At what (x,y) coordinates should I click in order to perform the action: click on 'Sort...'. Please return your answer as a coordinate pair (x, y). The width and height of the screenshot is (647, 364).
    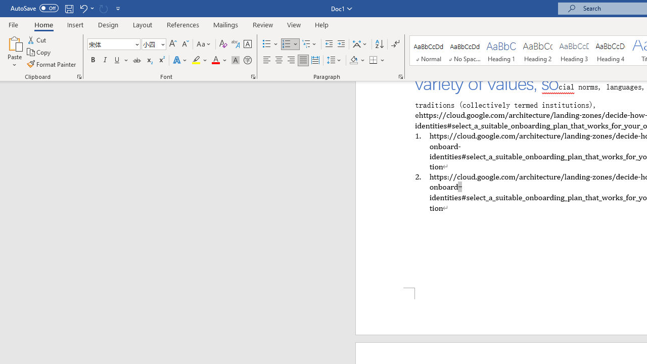
    Looking at the image, I should click on (379, 43).